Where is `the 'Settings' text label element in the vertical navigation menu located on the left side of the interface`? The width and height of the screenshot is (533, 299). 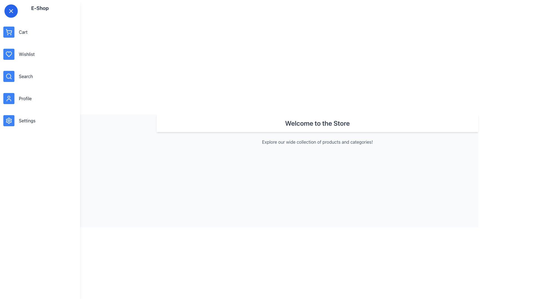
the 'Settings' text label element in the vertical navigation menu located on the left side of the interface is located at coordinates (27, 120).